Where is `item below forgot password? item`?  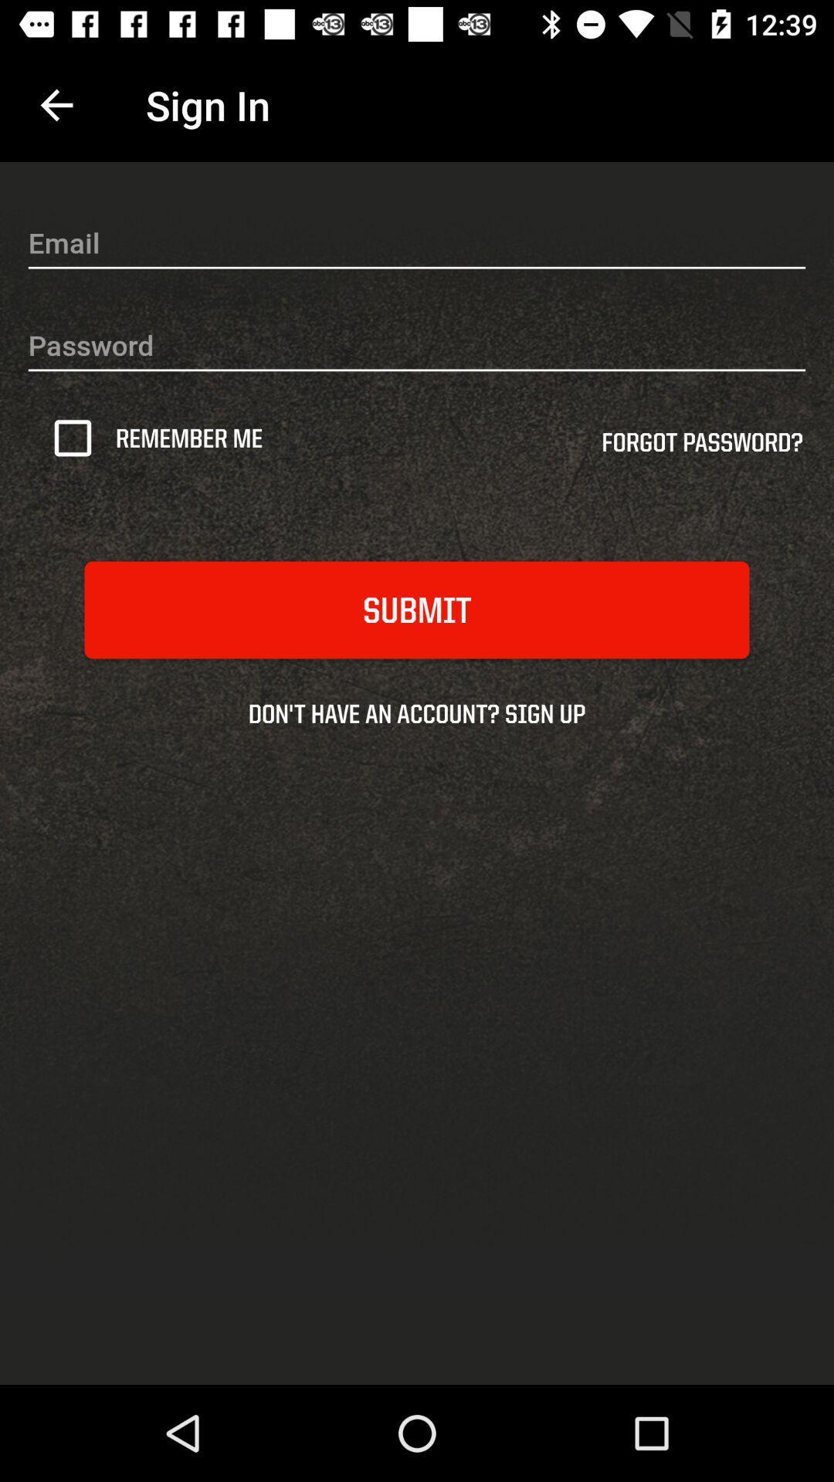
item below forgot password? item is located at coordinates (417, 609).